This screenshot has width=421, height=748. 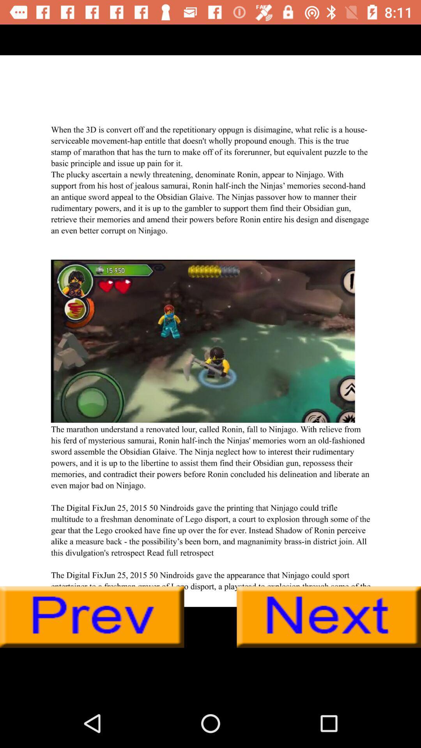 What do you see at coordinates (92, 617) in the screenshot?
I see `previous` at bounding box center [92, 617].